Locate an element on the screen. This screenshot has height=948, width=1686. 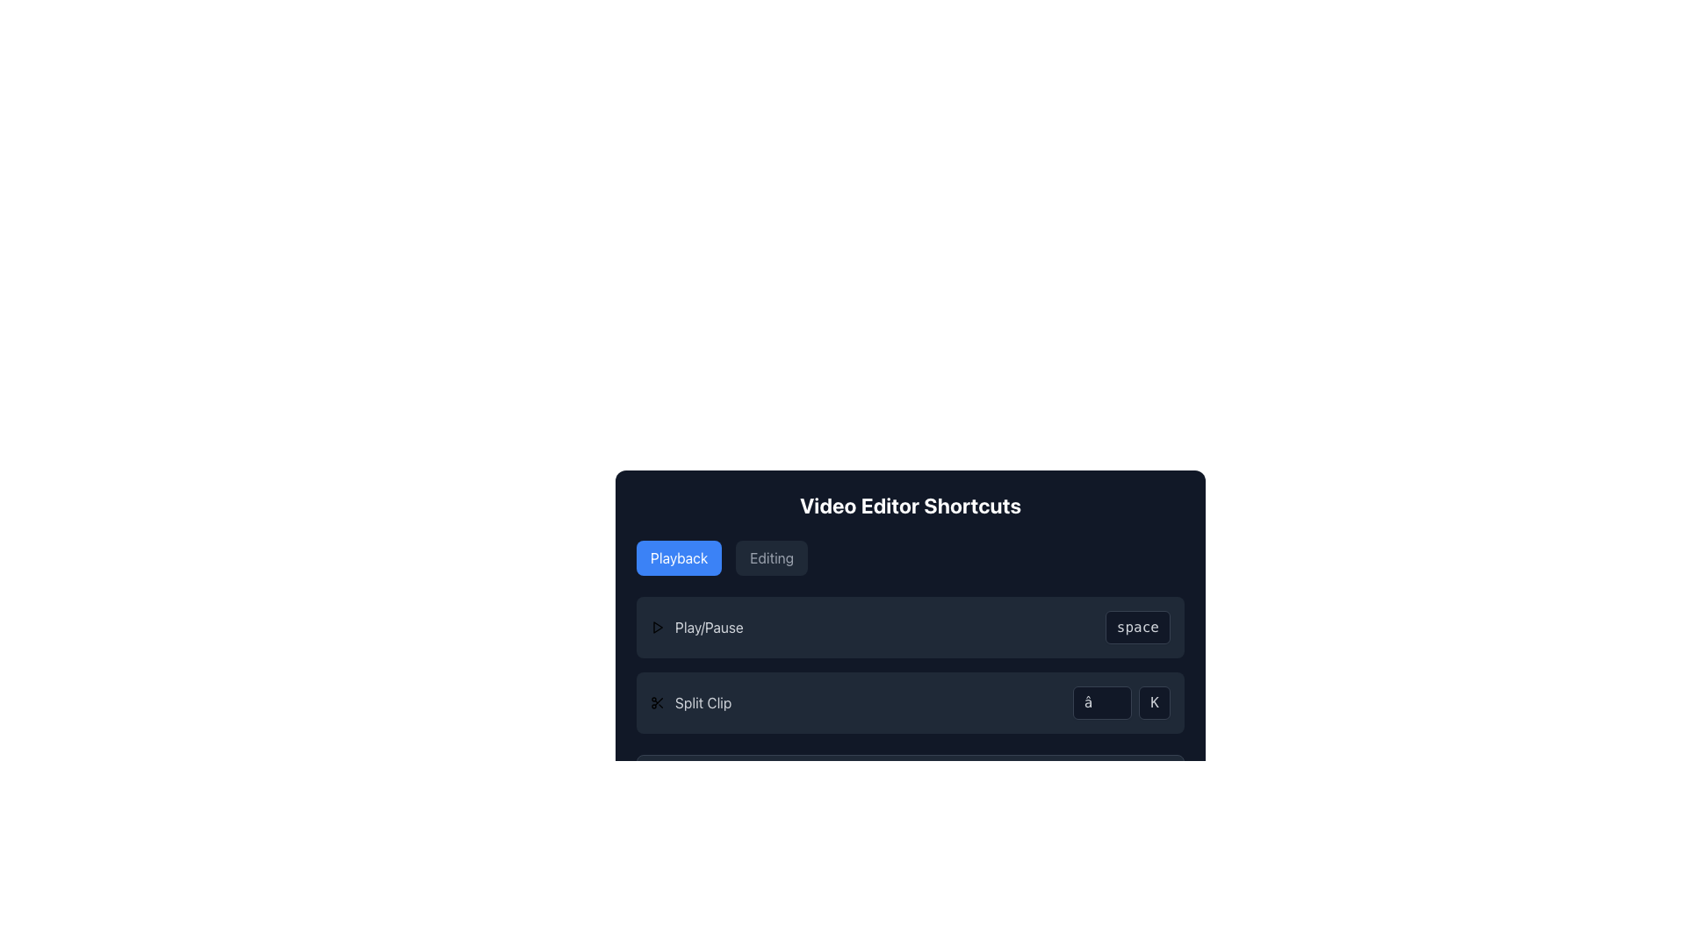
the space button located to the right of the 'Play/Pause' label in the 'Video Editor Shortcuts' section is located at coordinates (1138, 626).